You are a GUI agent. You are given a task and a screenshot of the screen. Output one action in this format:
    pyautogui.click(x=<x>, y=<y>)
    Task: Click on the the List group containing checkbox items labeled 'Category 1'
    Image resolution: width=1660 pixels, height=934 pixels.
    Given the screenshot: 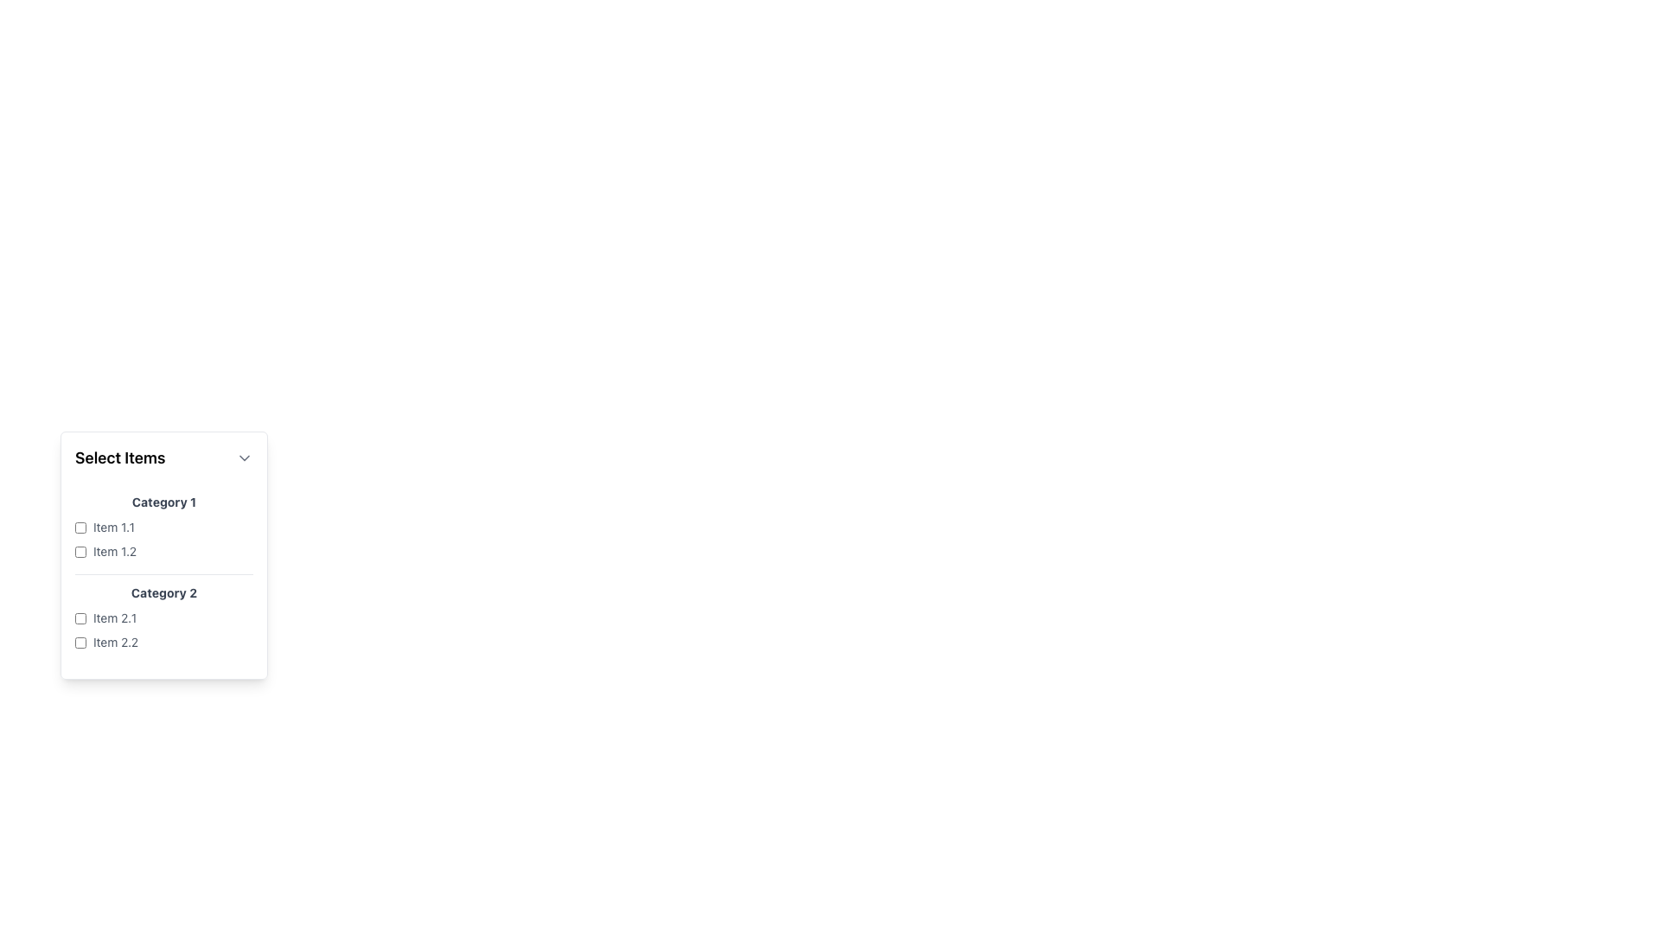 What is the action you would take?
    pyautogui.click(x=164, y=528)
    